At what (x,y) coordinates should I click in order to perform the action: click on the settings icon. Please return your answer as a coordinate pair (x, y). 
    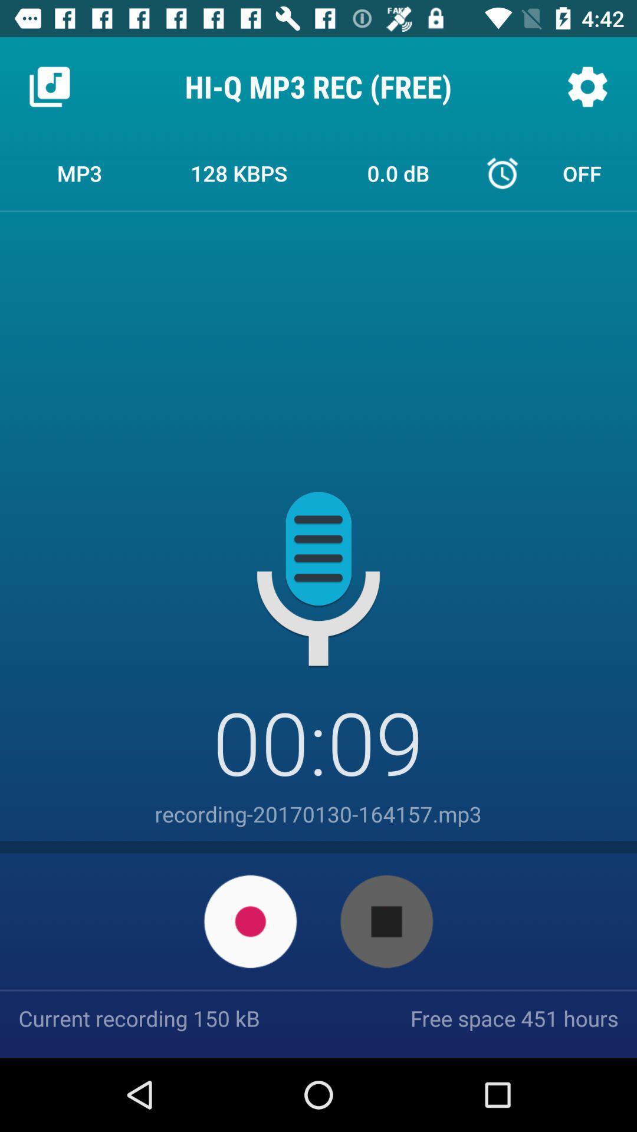
    Looking at the image, I should click on (587, 86).